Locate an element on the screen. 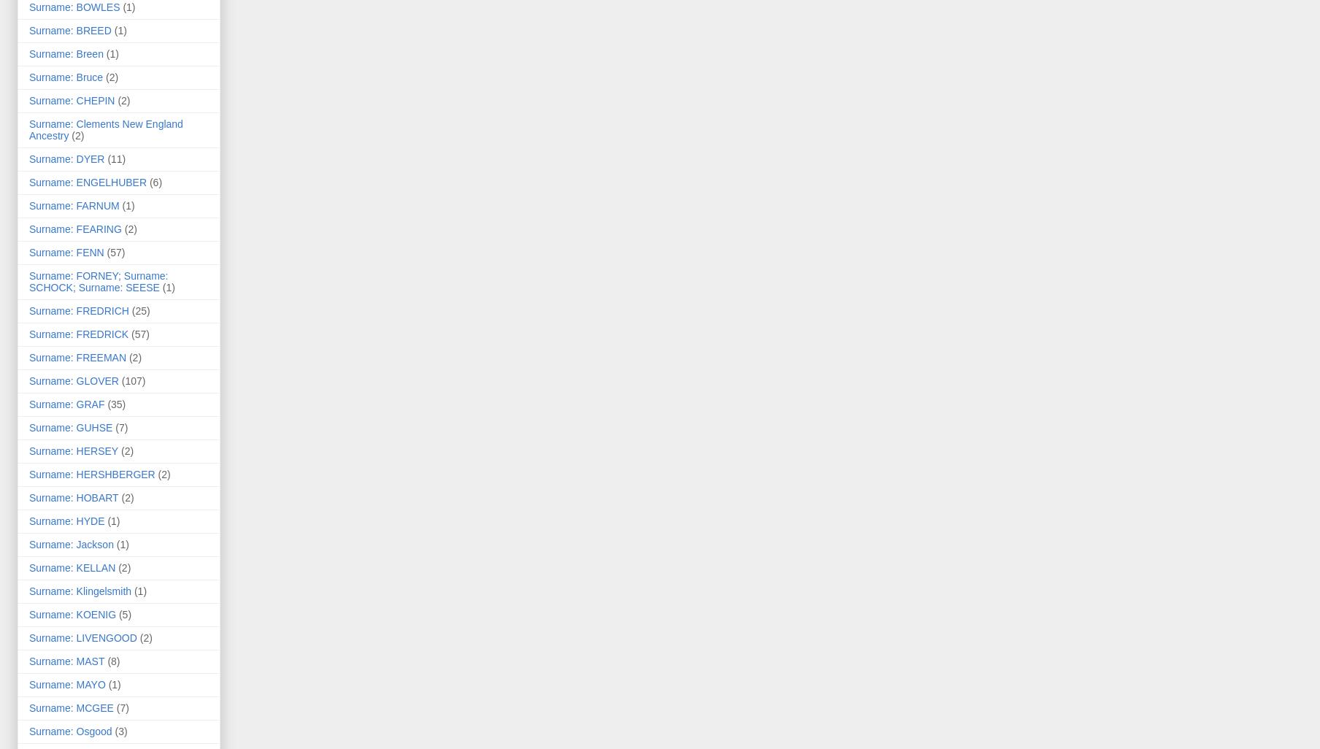  '(35)' is located at coordinates (116, 404).